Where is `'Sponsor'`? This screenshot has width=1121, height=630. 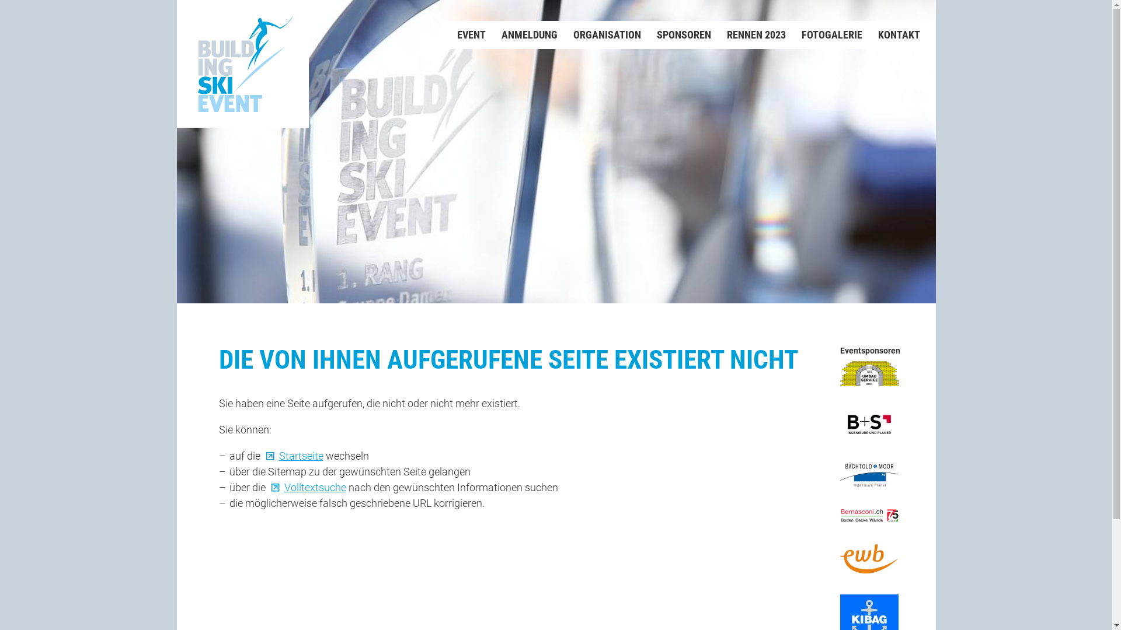
'Sponsor' is located at coordinates (869, 424).